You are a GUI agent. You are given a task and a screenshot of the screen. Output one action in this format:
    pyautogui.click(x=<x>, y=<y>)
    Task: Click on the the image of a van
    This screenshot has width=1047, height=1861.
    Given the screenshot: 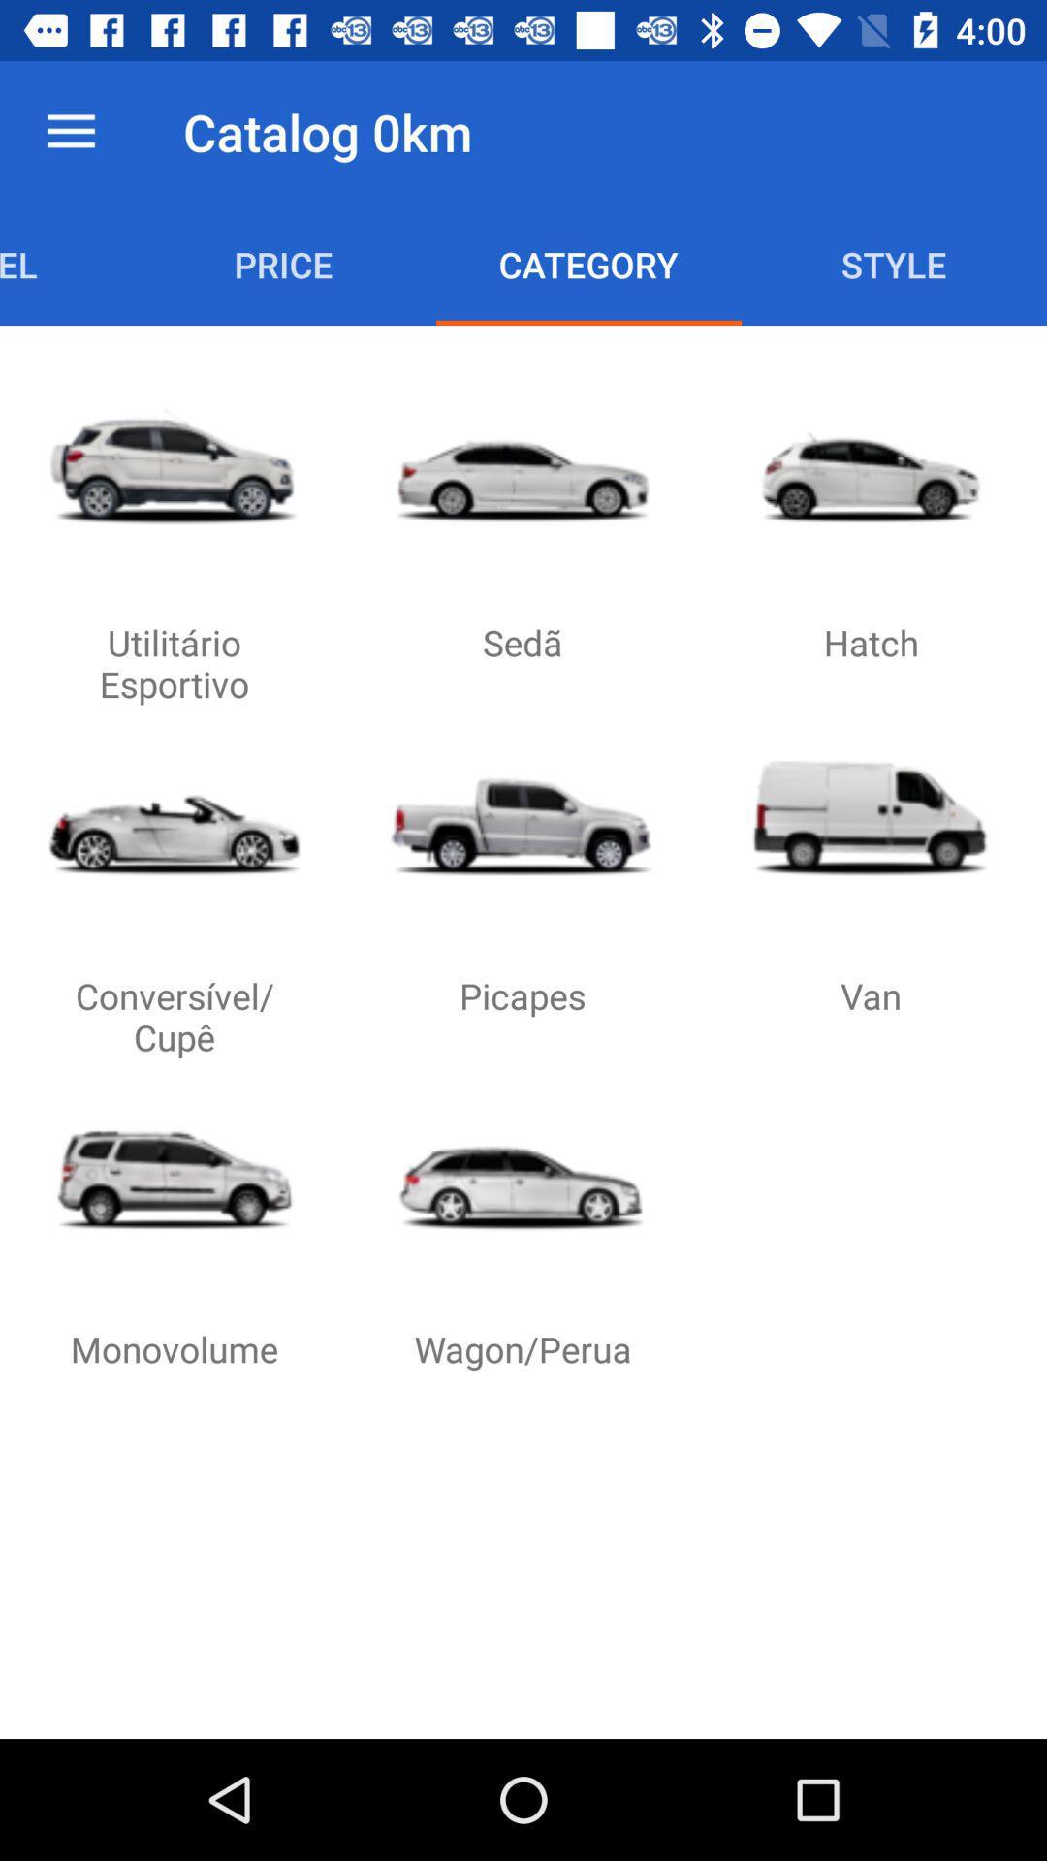 What is the action you would take?
    pyautogui.click(x=870, y=818)
    